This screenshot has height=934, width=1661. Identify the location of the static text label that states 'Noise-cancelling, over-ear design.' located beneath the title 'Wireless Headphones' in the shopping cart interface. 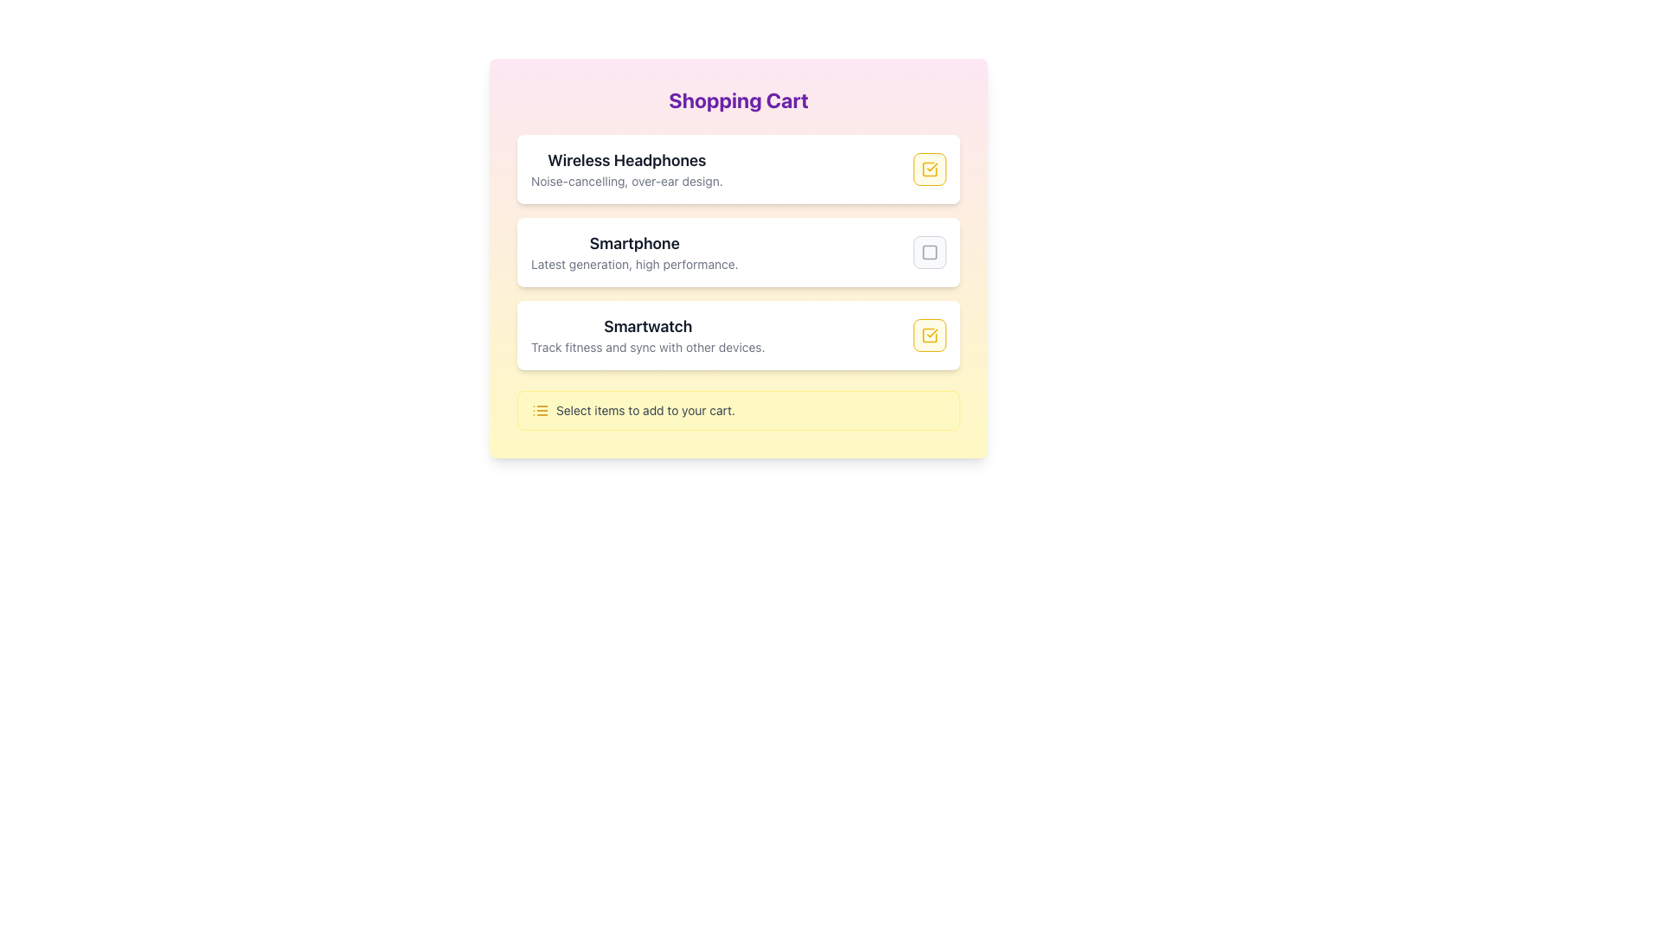
(625, 181).